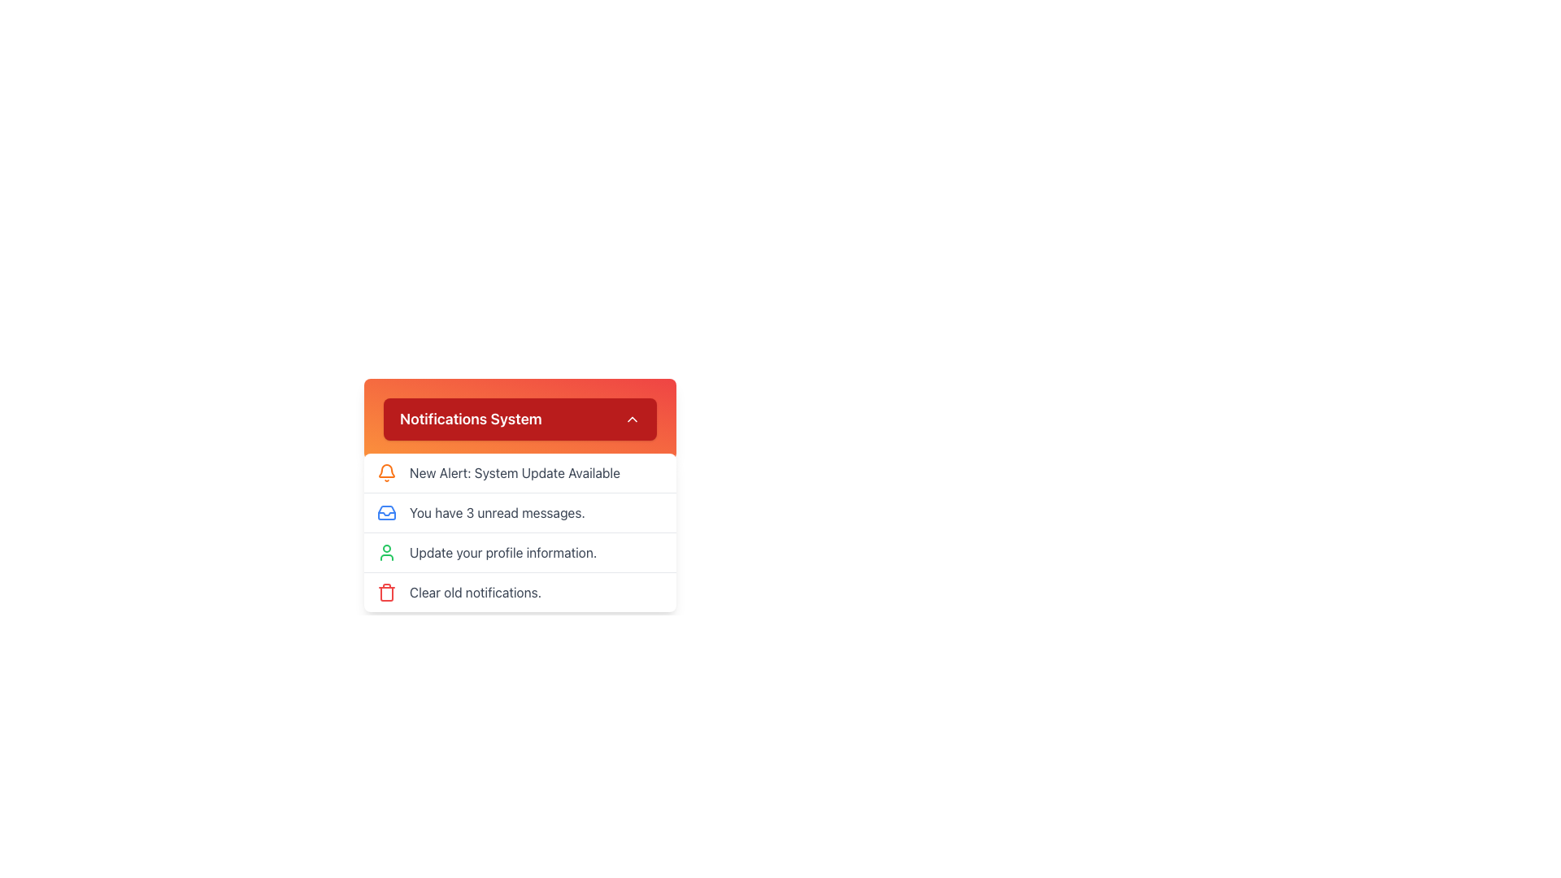 This screenshot has height=878, width=1561. Describe the element at coordinates (385, 593) in the screenshot. I see `the SVG icon indicating deletion or clearing action, located to the left of the 'Clear old notifications' text` at that location.